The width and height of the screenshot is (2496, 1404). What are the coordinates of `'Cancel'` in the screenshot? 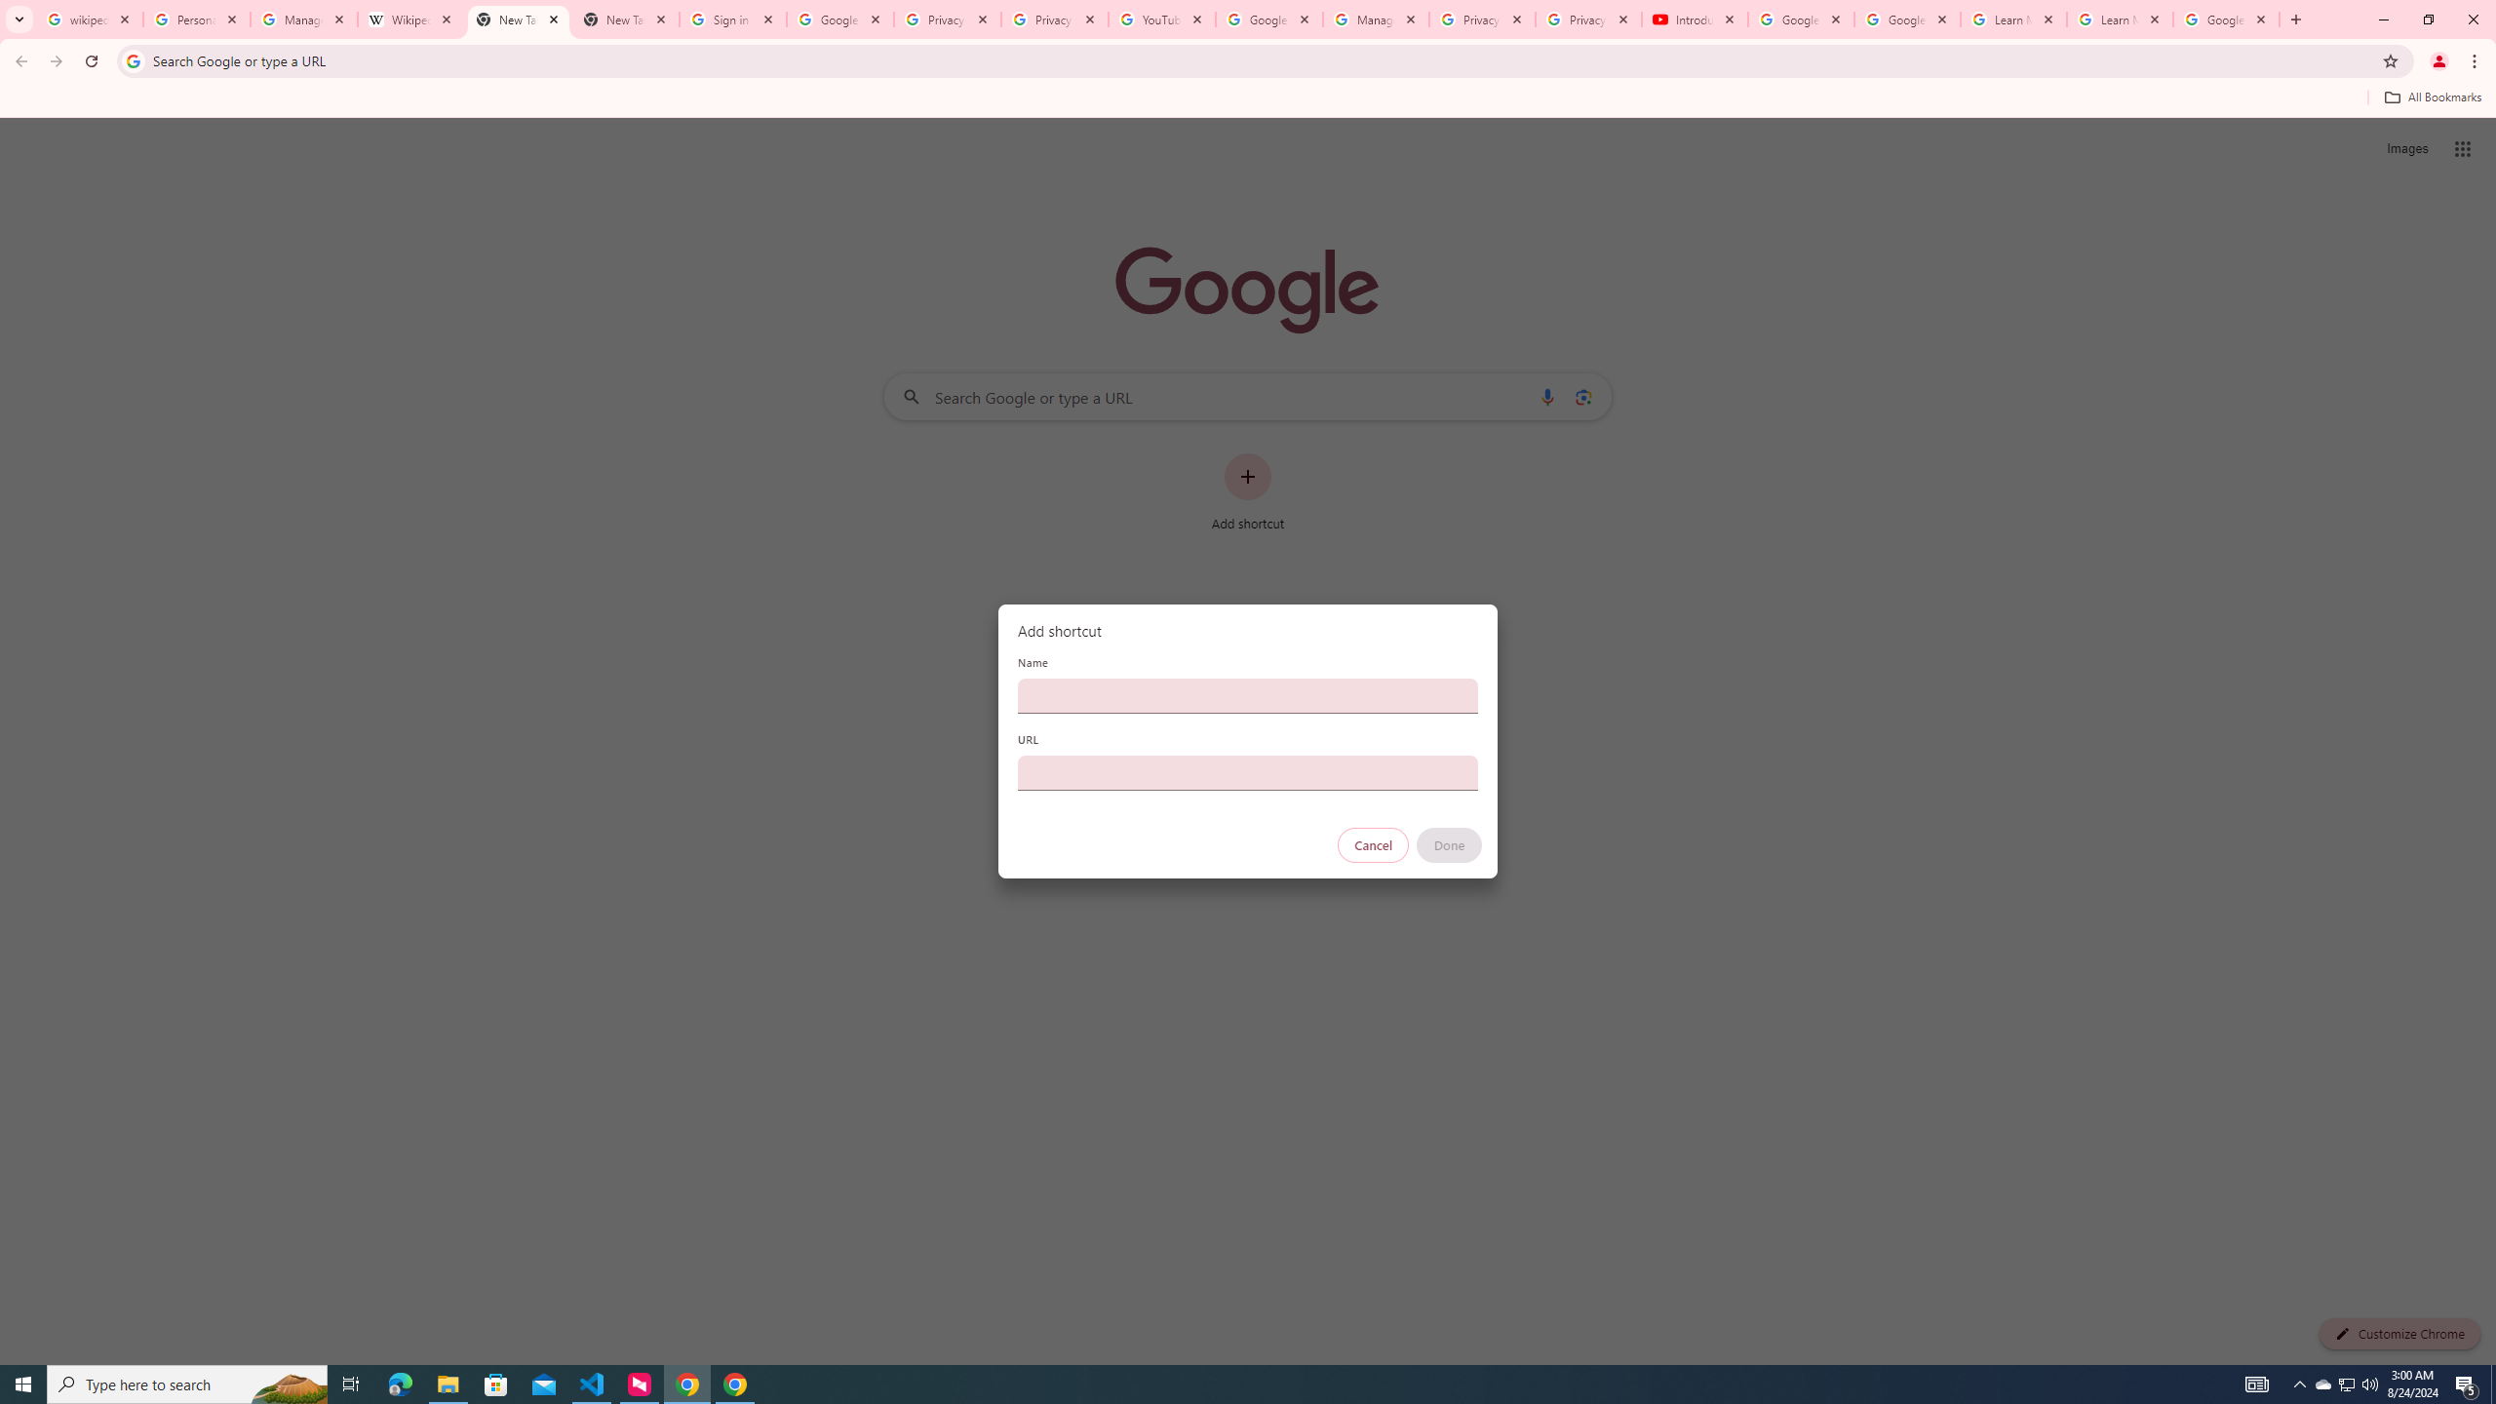 It's located at (1374, 844).